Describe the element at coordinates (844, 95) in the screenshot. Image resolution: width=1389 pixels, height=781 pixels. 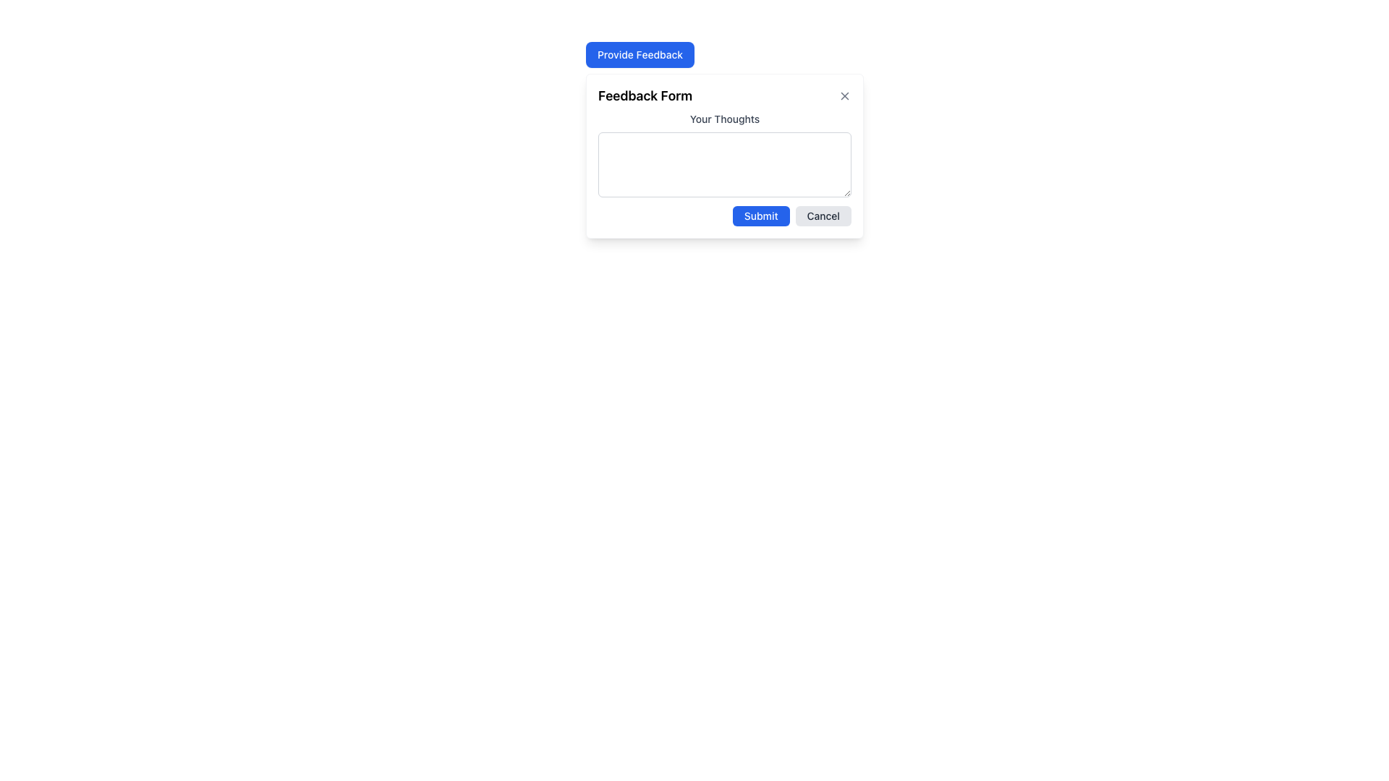
I see `the Close Icon (an 'X' shape) located at the top right corner of the 'Feedback Form' modal` at that location.